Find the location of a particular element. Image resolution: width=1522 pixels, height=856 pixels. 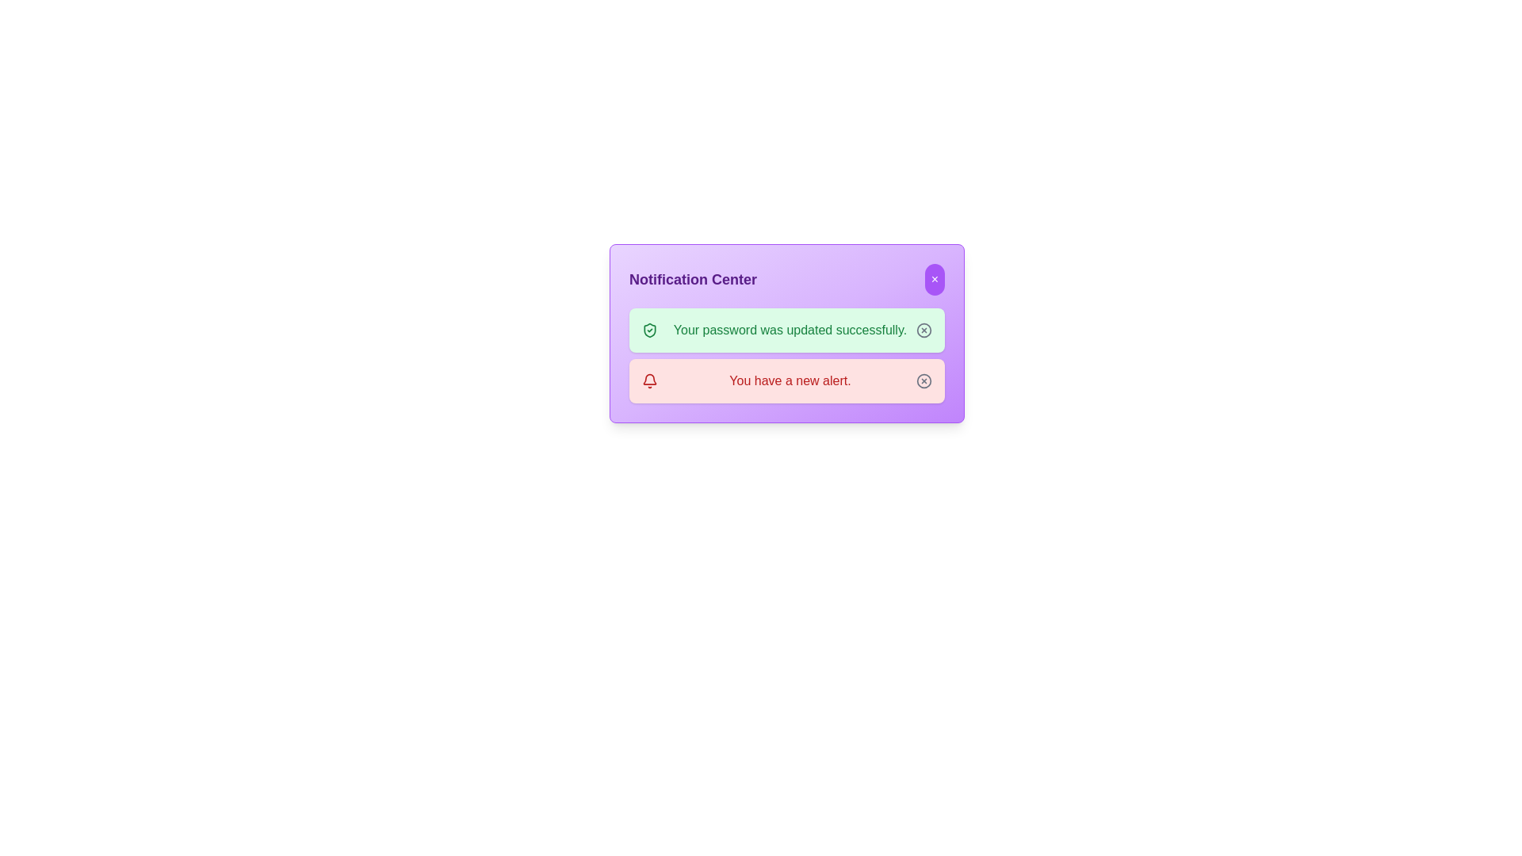

the close button located at the top-right corner of the notification interface is located at coordinates (935, 279).